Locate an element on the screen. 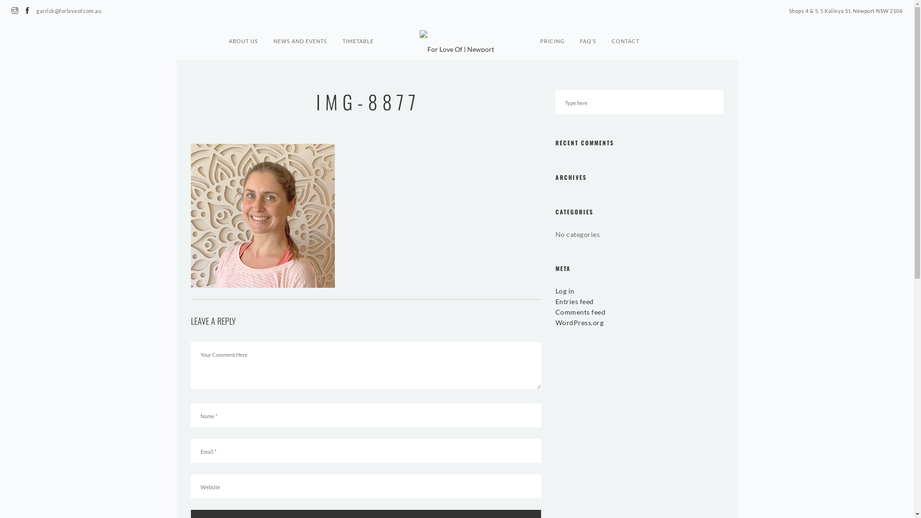  'NEWS AND EVENTS' is located at coordinates (299, 36).